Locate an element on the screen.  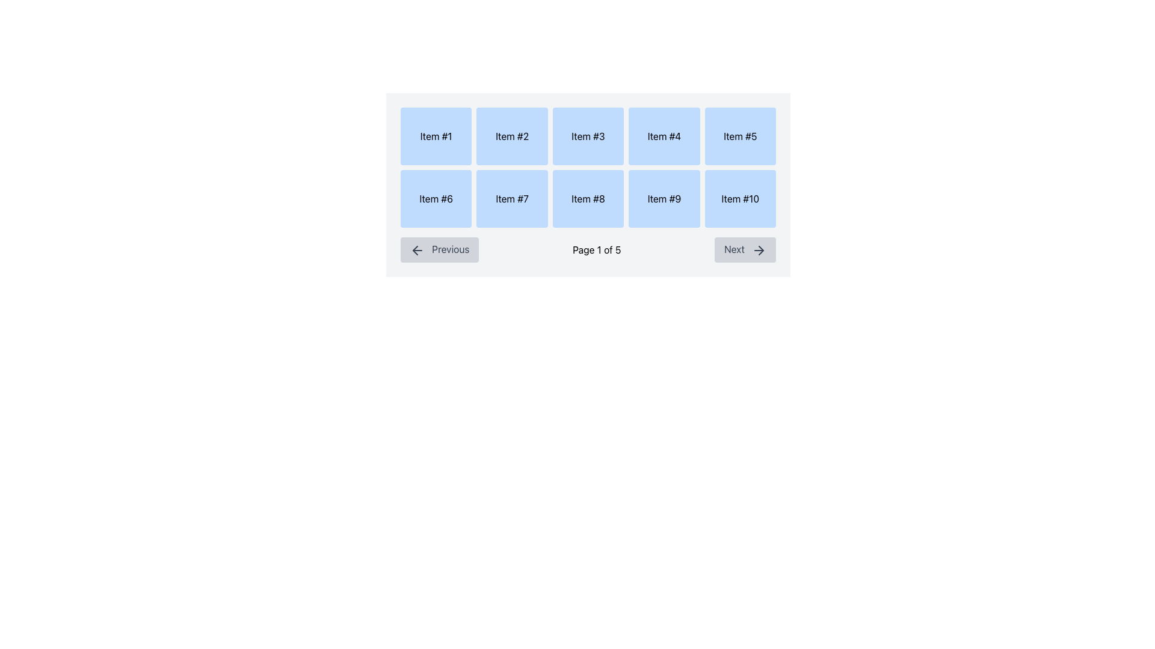
the text label displaying 'Item #10' in the second row, fifth column of the grid layout, which serves to present data and does not have direct interactions is located at coordinates (739, 198).